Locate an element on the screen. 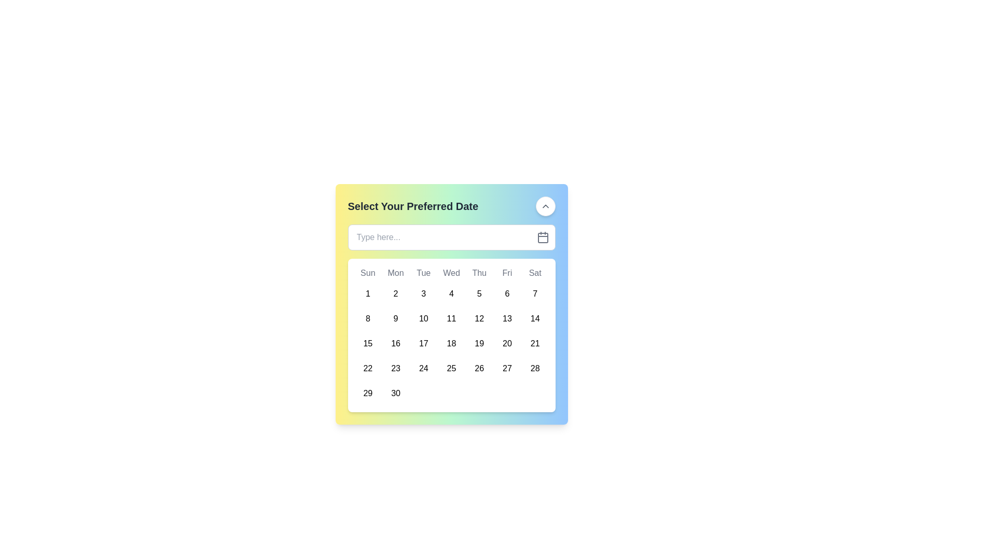 Image resolution: width=996 pixels, height=560 pixels. the rounded interactive button labeled '18' in the calendar grid is located at coordinates (451, 344).